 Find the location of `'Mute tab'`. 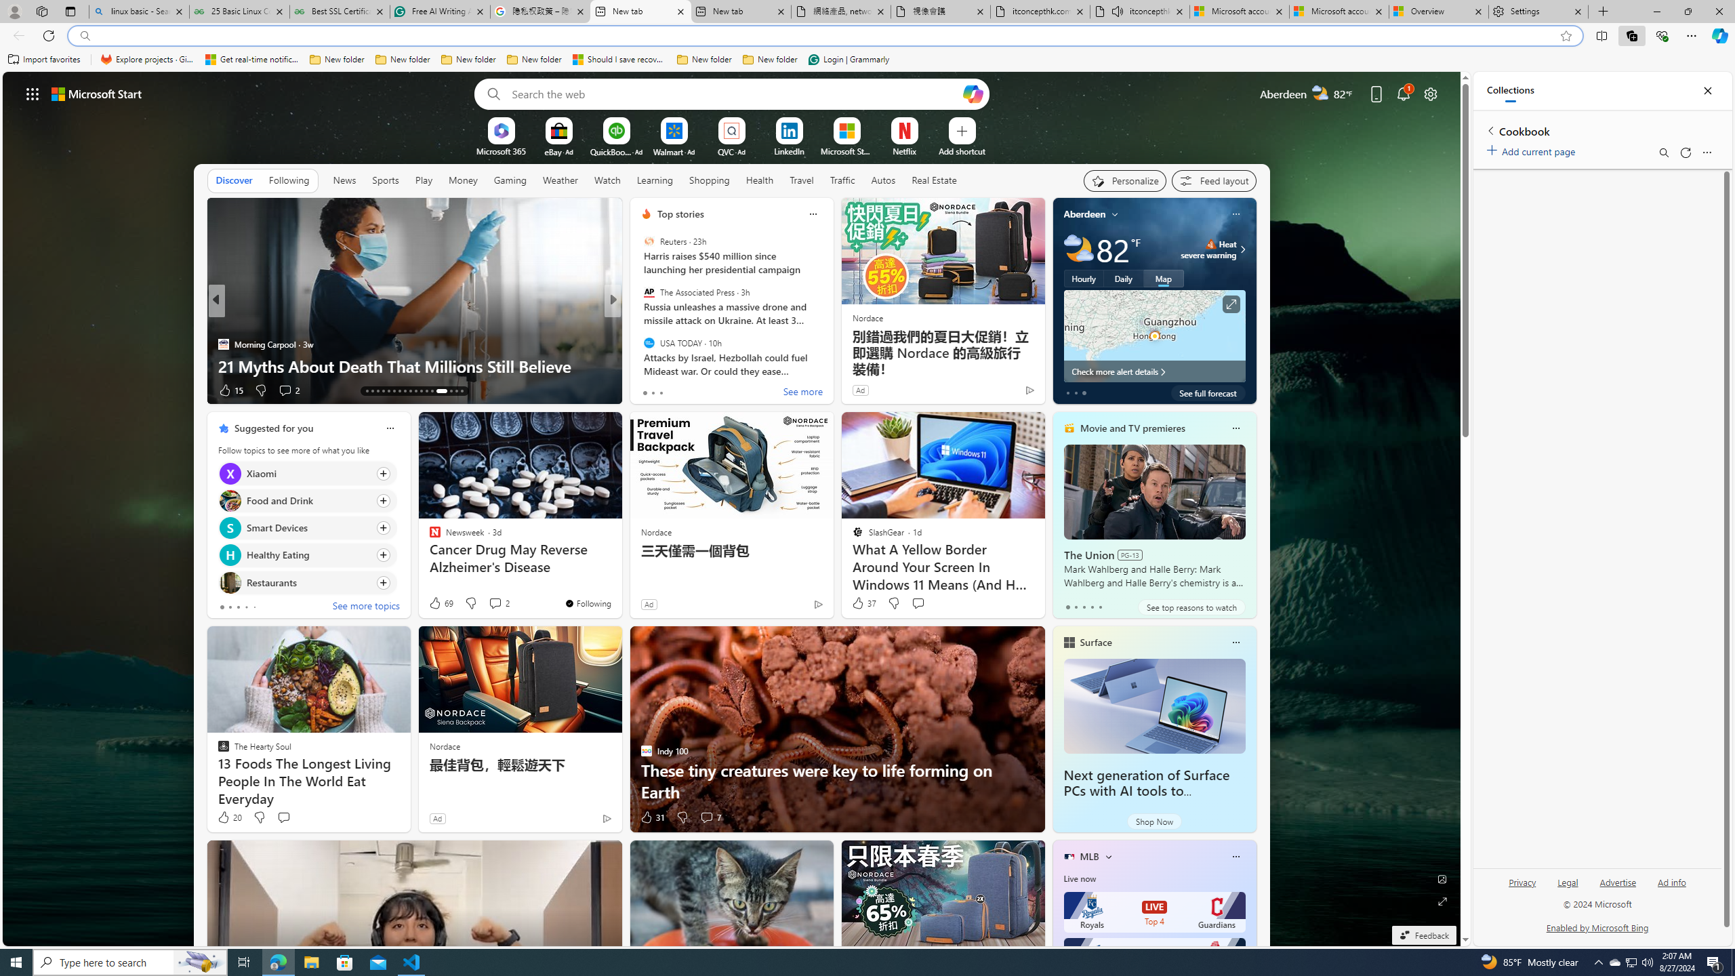

'Mute tab' is located at coordinates (1116, 10).